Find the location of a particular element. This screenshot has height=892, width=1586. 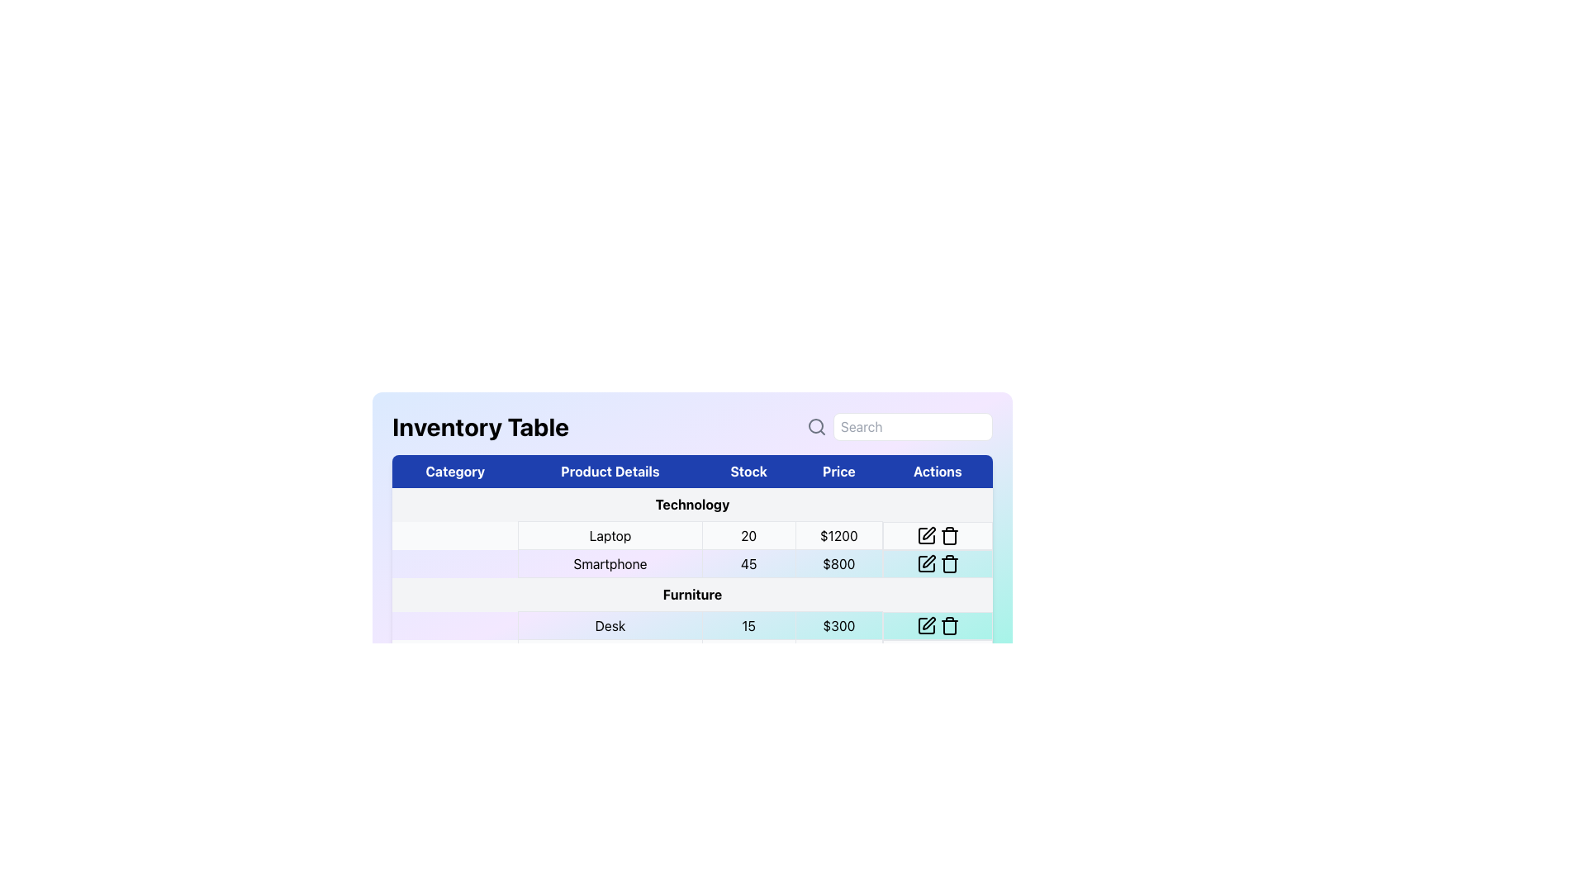

the price label displaying '$1200' in the 'Price' column of the table for the product 'Laptop' is located at coordinates (838, 535).